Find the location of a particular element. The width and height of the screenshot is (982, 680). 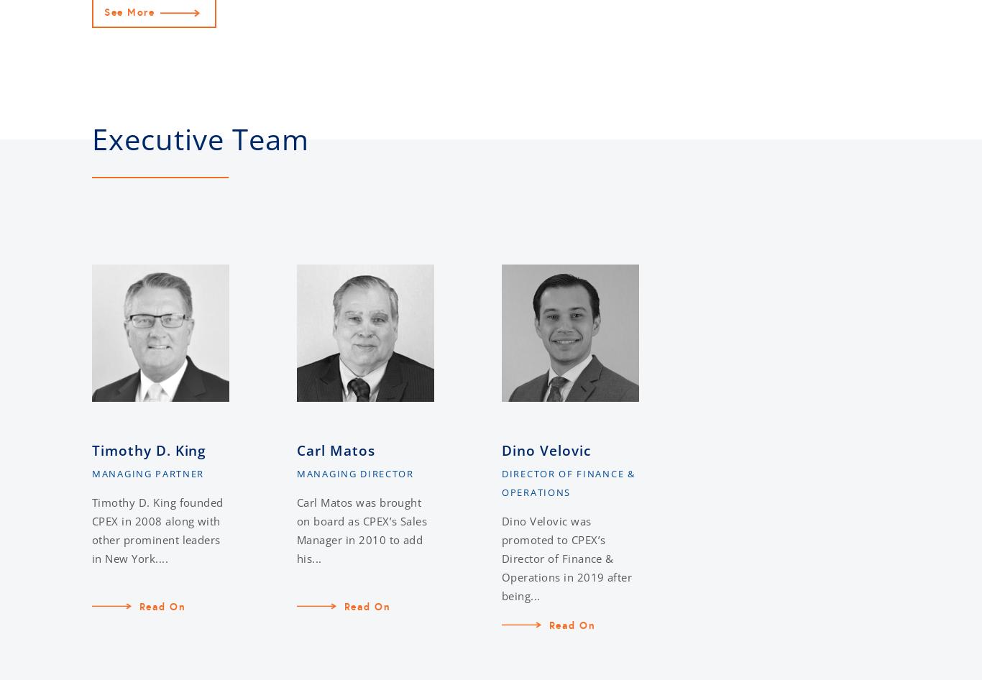

'Managing Director' is located at coordinates (295, 473).